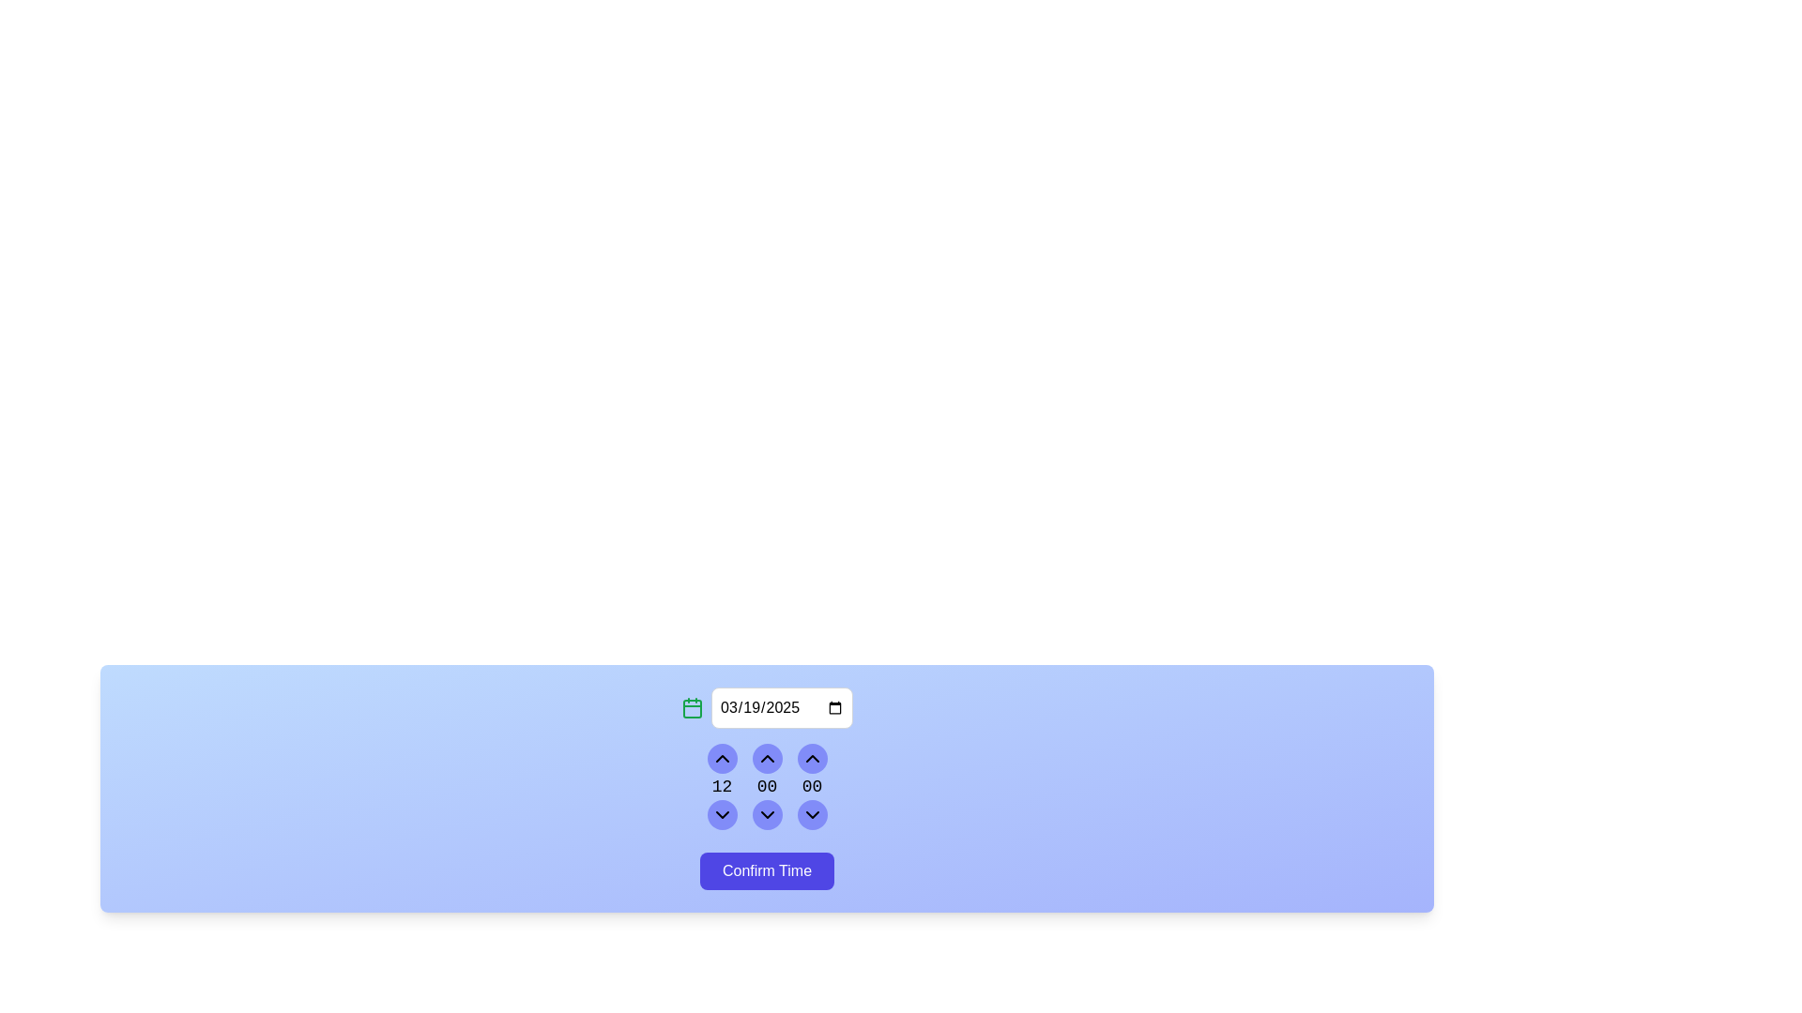 The image size is (1802, 1013). I want to click on the circular button with a light indigo background and an upward arrow icon to increment the counter below it, so click(767, 758).